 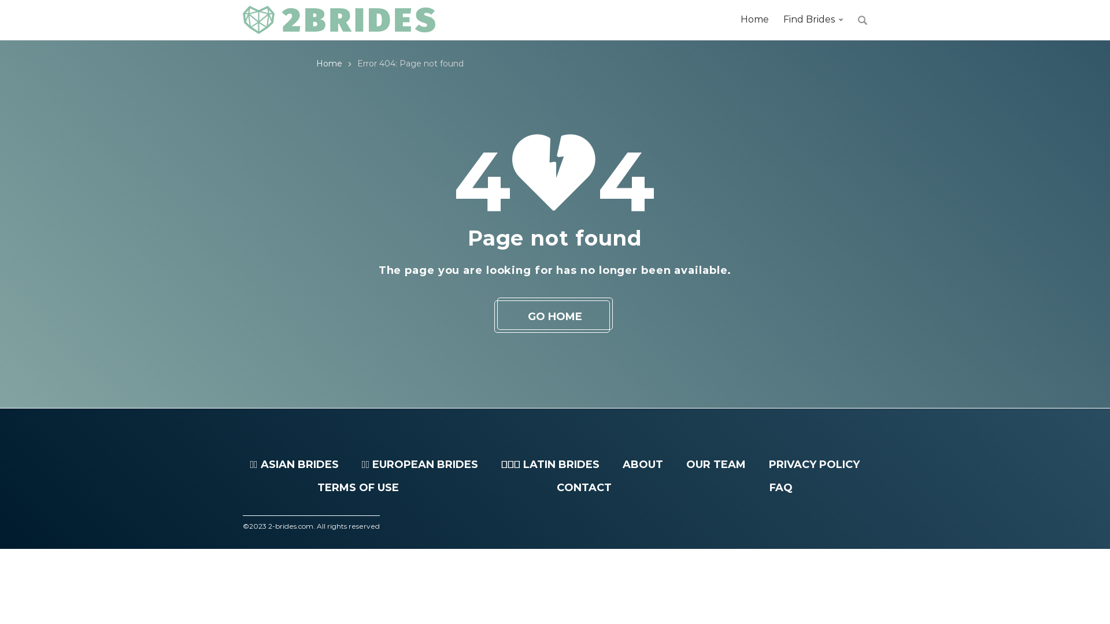 I want to click on 'GO HOME', so click(x=555, y=316).